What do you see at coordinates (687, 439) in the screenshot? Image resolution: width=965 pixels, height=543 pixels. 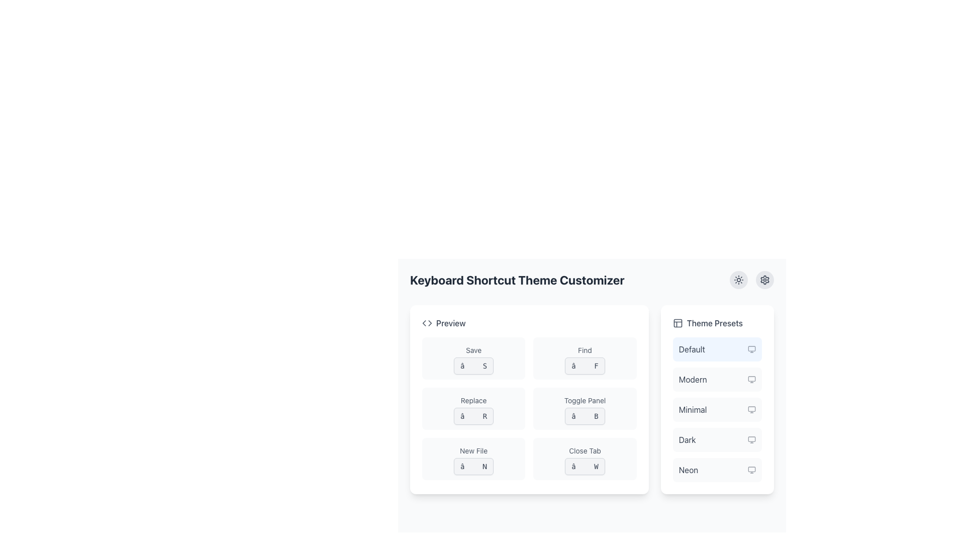 I see `the 'Dark' theme preset label in the Theme Presets section, which is the fourth item in a vertically aligned list, located between the 'Minimal' and 'Neon' items` at bounding box center [687, 439].